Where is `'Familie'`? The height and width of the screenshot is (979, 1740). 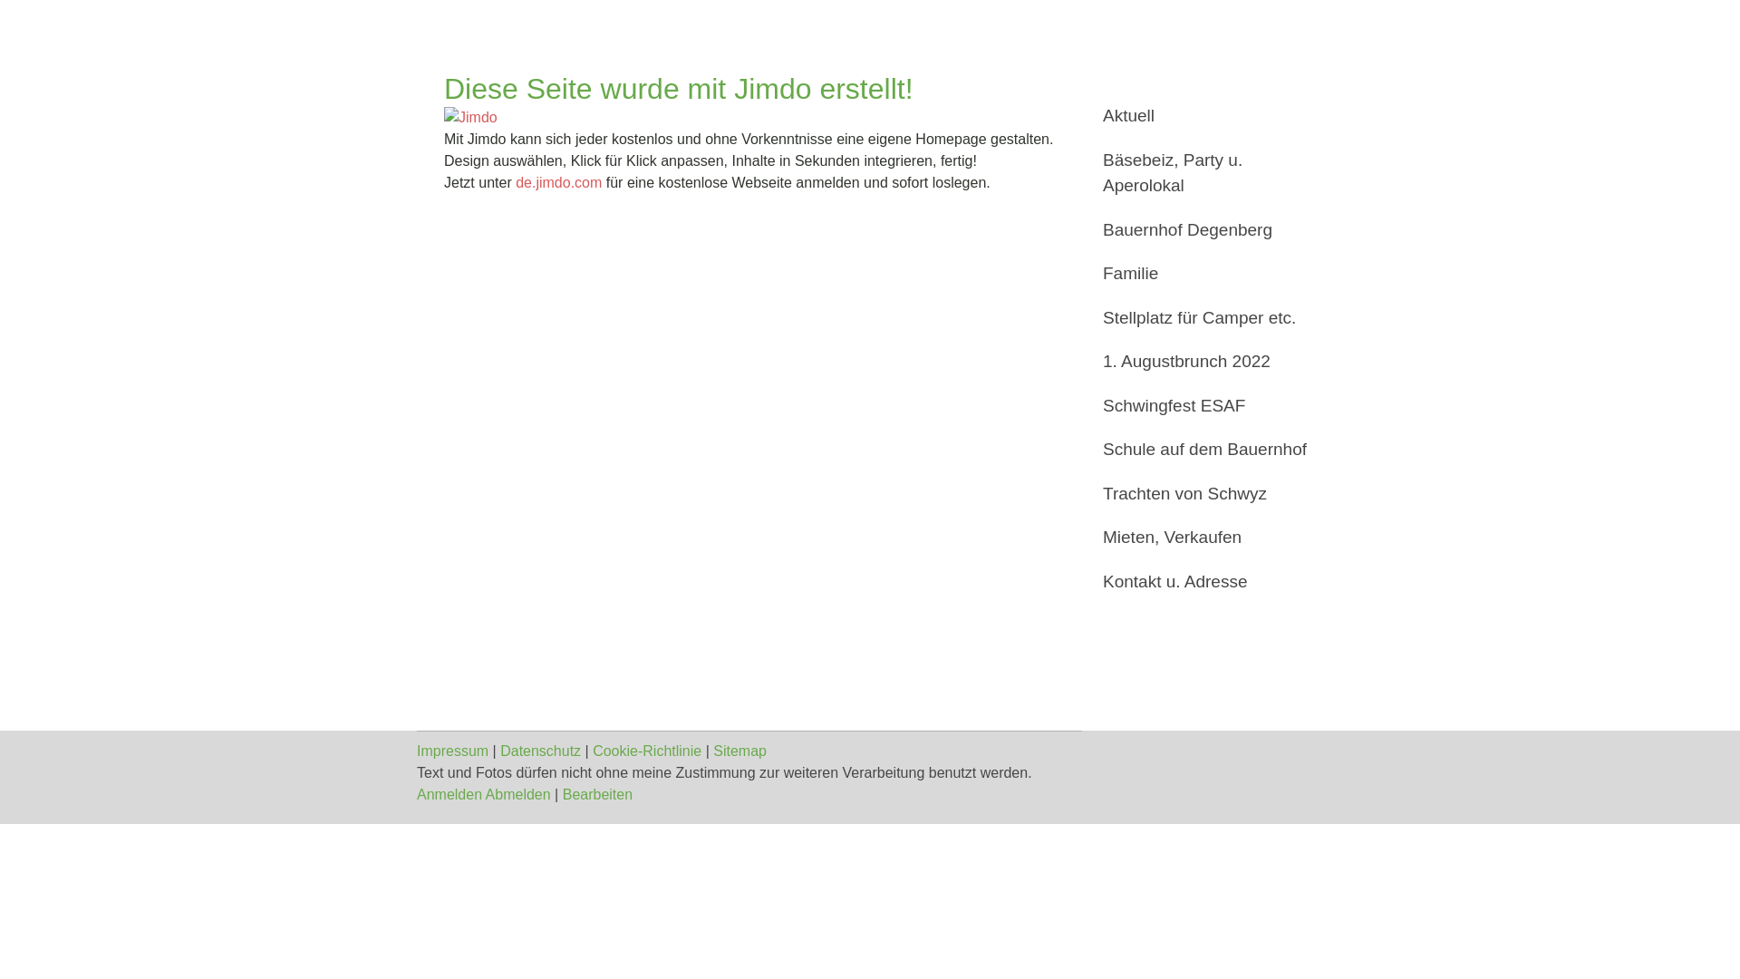
'Familie' is located at coordinates (1204, 274).